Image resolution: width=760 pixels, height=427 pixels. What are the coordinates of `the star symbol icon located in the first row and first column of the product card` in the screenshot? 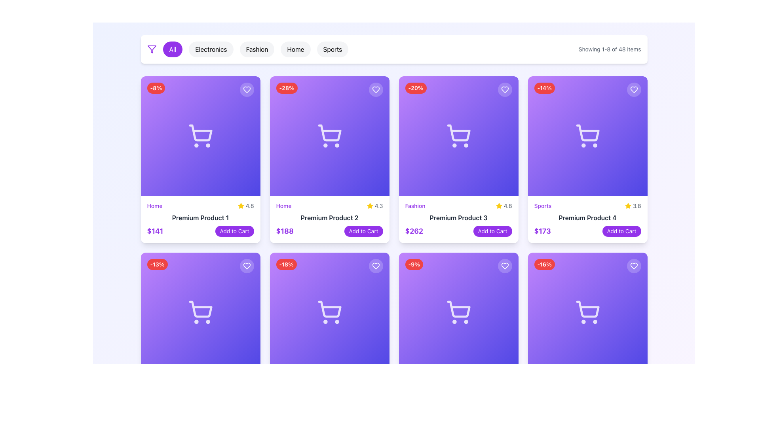 It's located at (240, 205).